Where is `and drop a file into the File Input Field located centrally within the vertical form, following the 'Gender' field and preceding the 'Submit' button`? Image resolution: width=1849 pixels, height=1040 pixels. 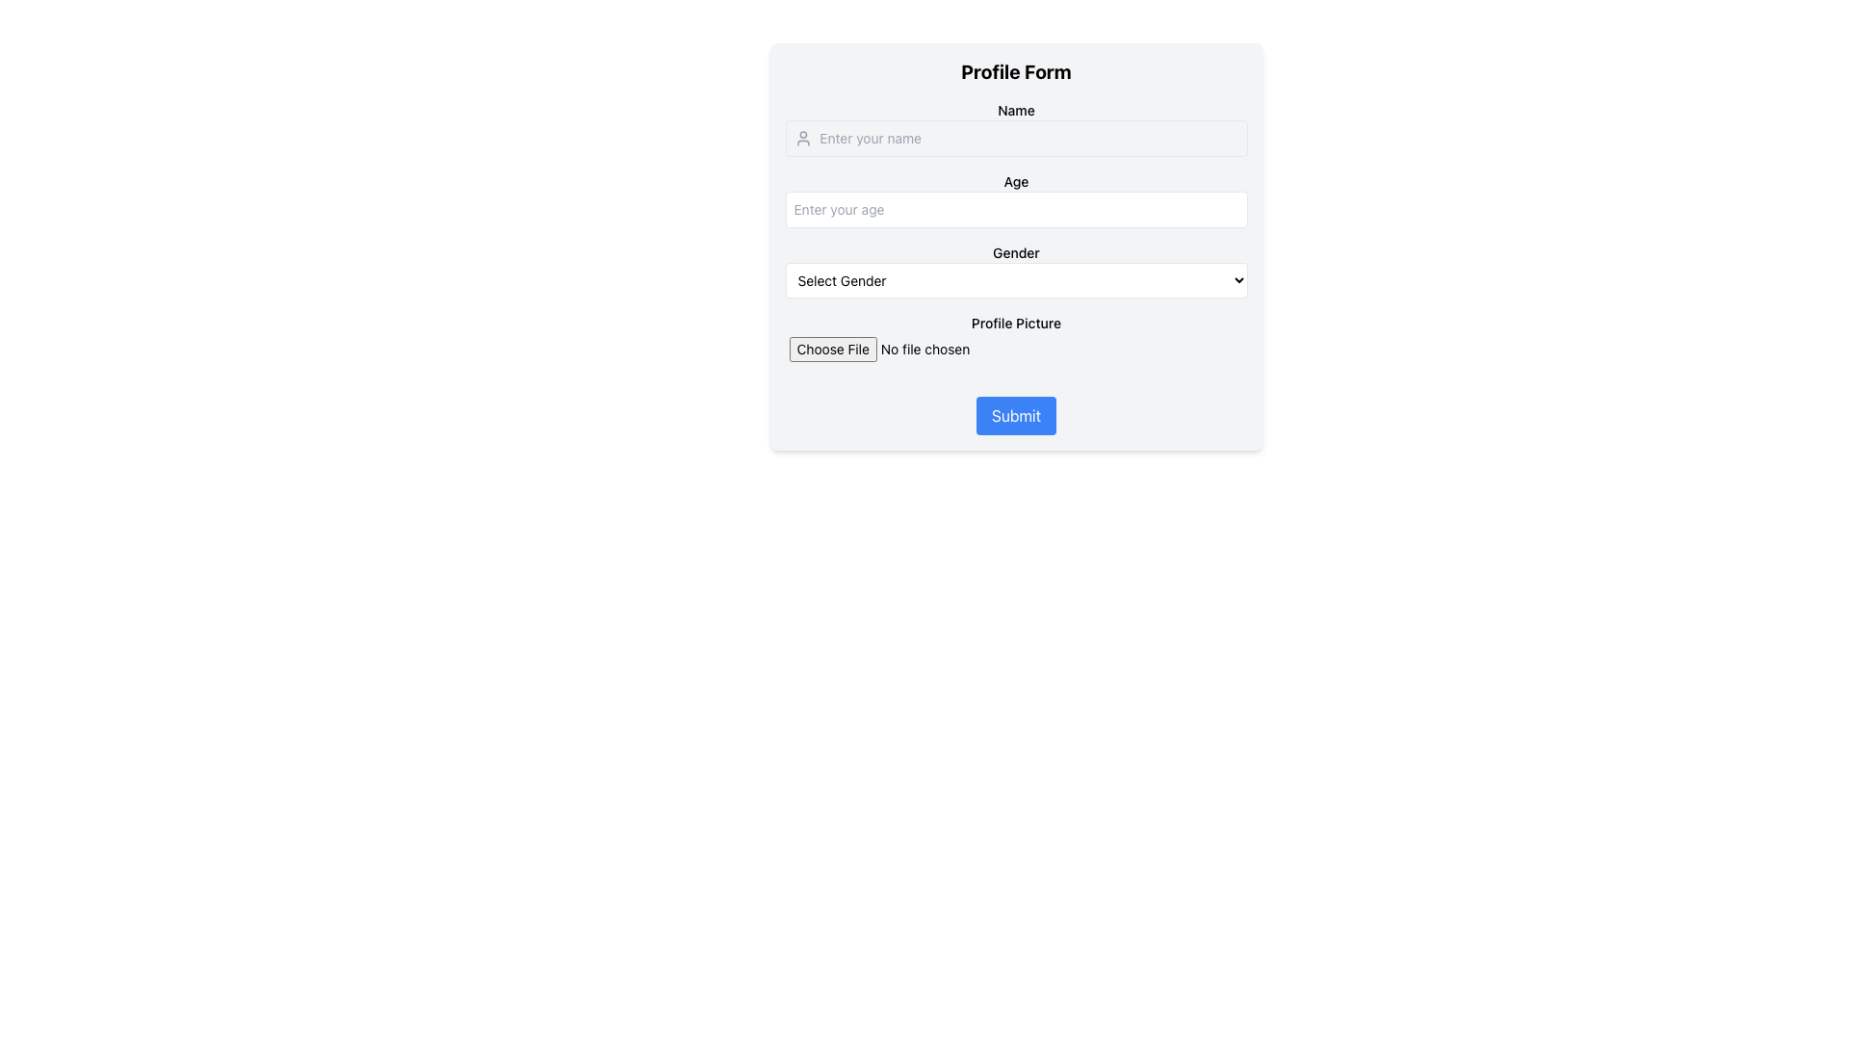
and drop a file into the File Input Field located centrally within the vertical form, following the 'Gender' field and preceding the 'Submit' button is located at coordinates (1015, 339).